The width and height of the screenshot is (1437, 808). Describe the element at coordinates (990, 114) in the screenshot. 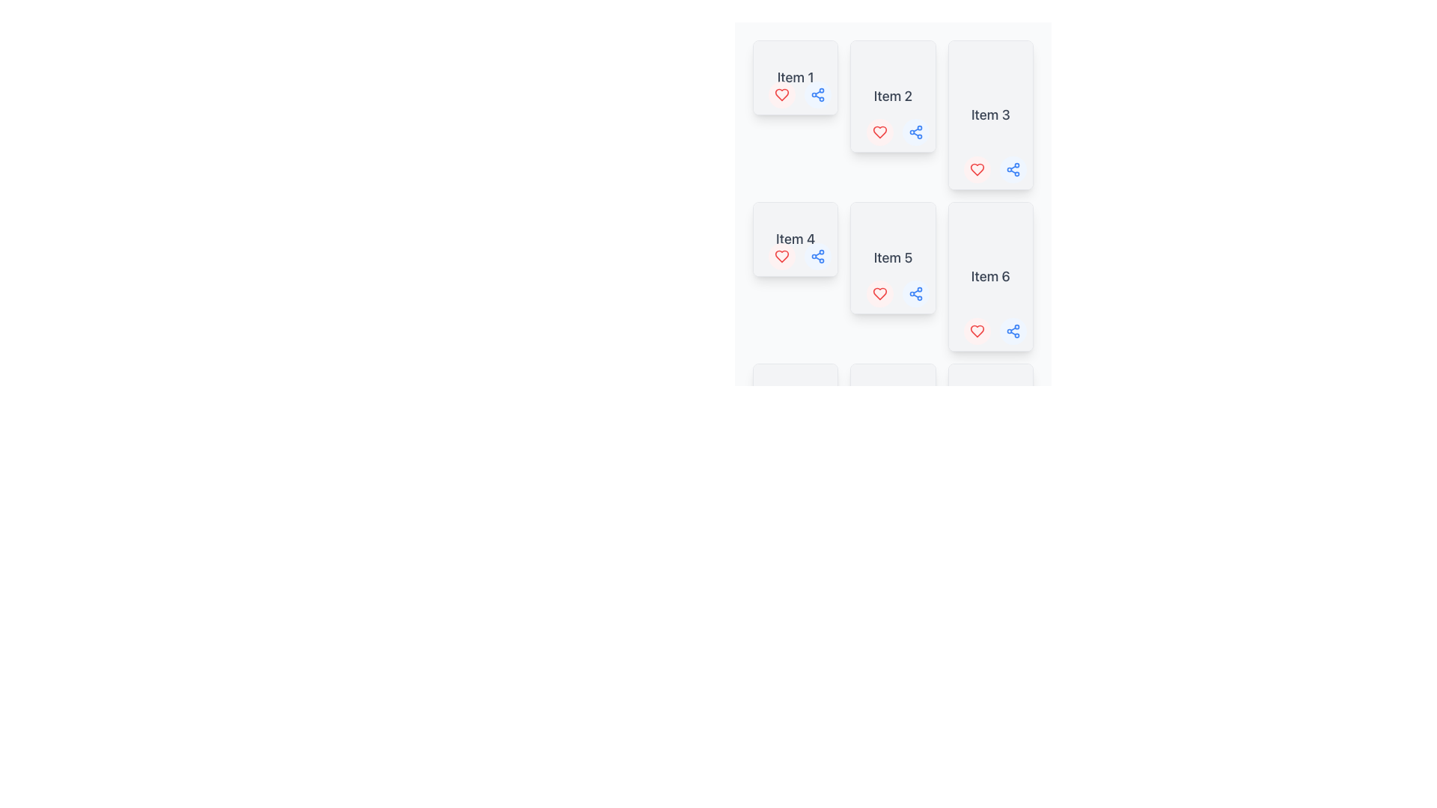

I see `the 'Item 3' card located` at that location.